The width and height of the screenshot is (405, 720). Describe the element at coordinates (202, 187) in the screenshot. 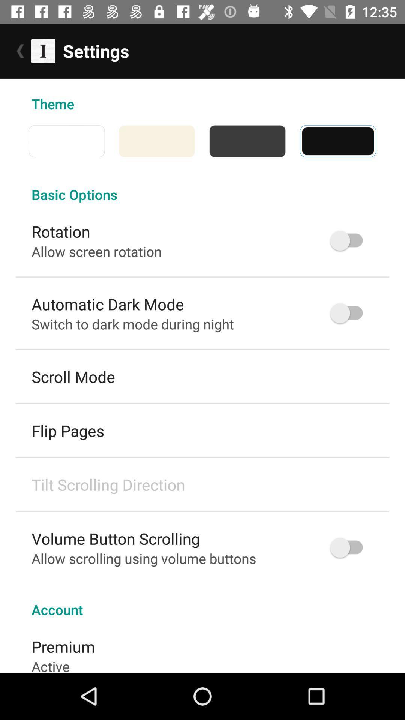

I see `the basic options item` at that location.